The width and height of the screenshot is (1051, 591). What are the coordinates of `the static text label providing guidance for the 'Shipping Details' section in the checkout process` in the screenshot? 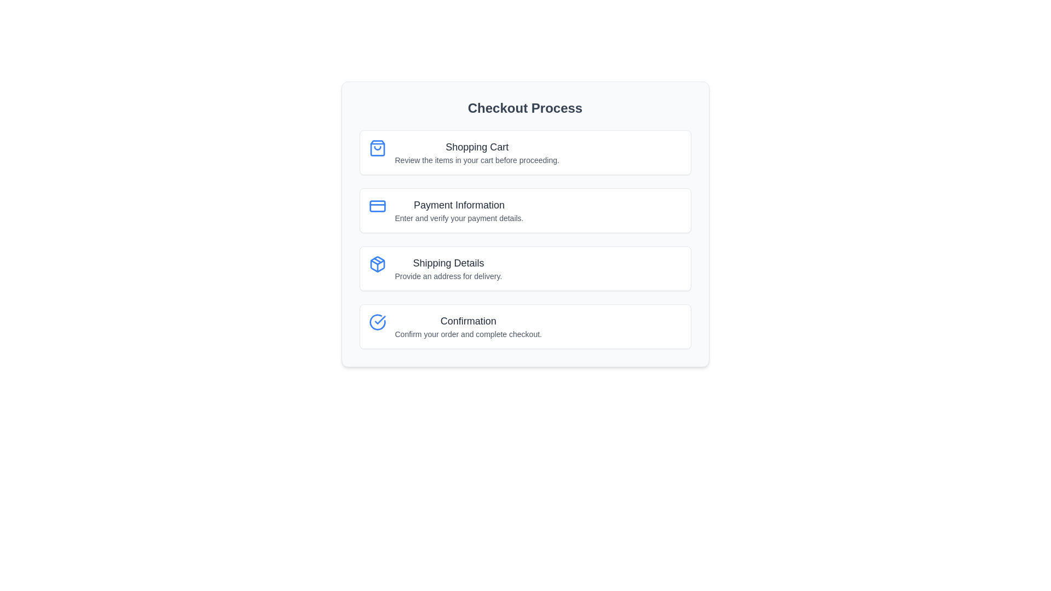 It's located at (448, 276).